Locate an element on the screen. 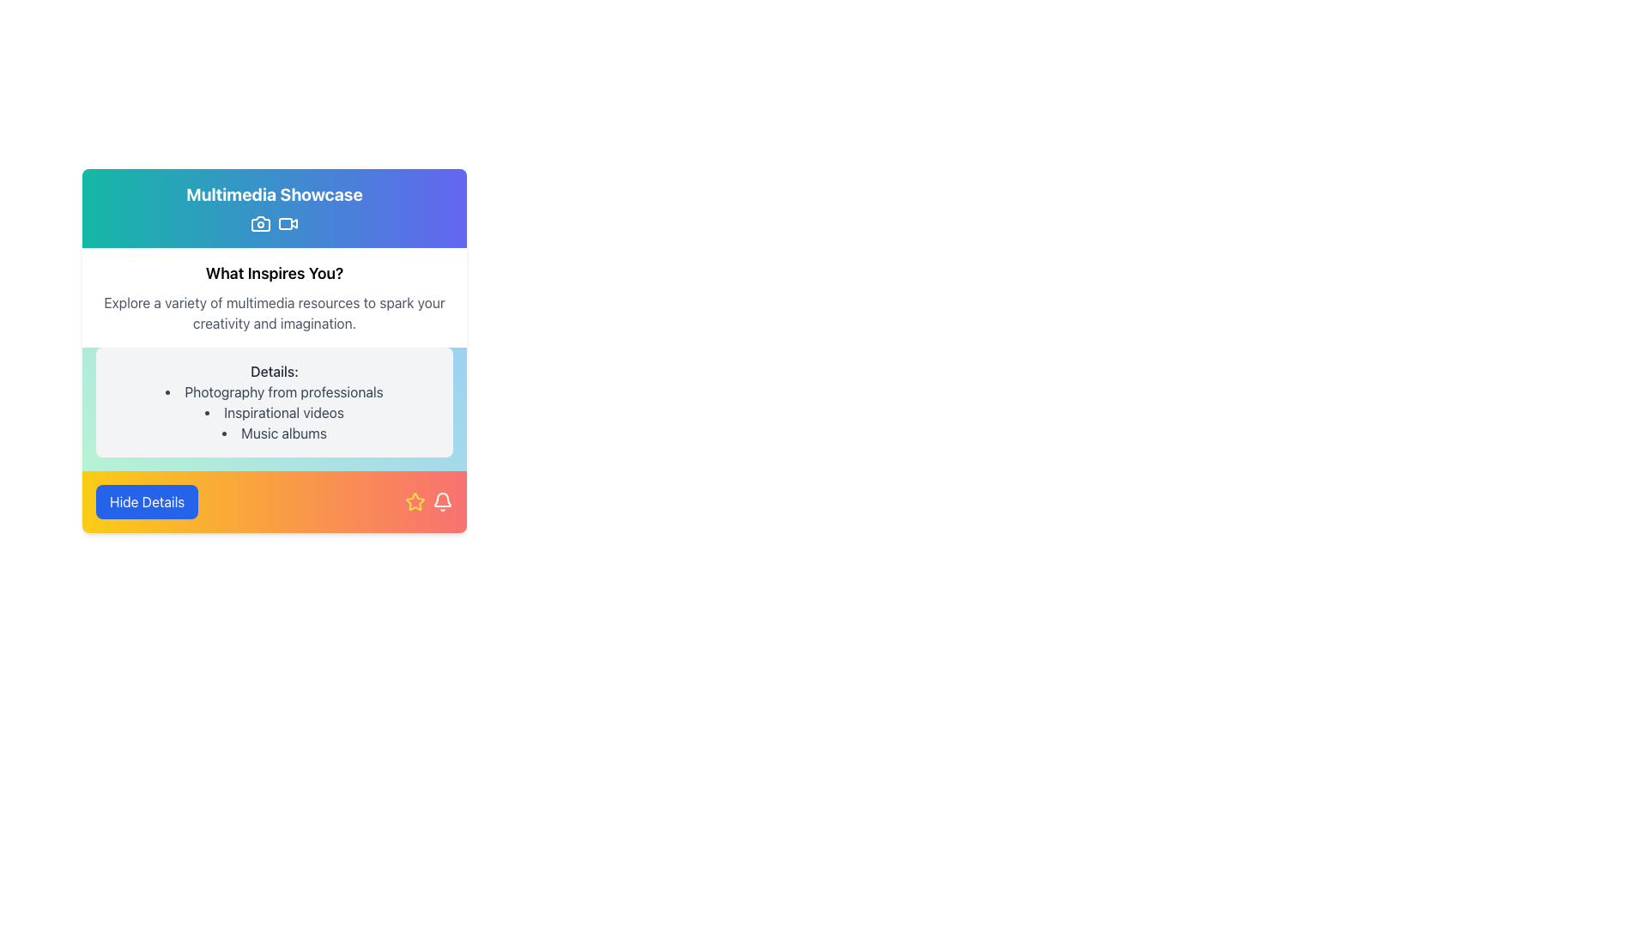  the static unordered list located in the light-gray section labeled 'Details:' on the content card, positioned below the heading text block and above the buttons is located at coordinates (275, 413).